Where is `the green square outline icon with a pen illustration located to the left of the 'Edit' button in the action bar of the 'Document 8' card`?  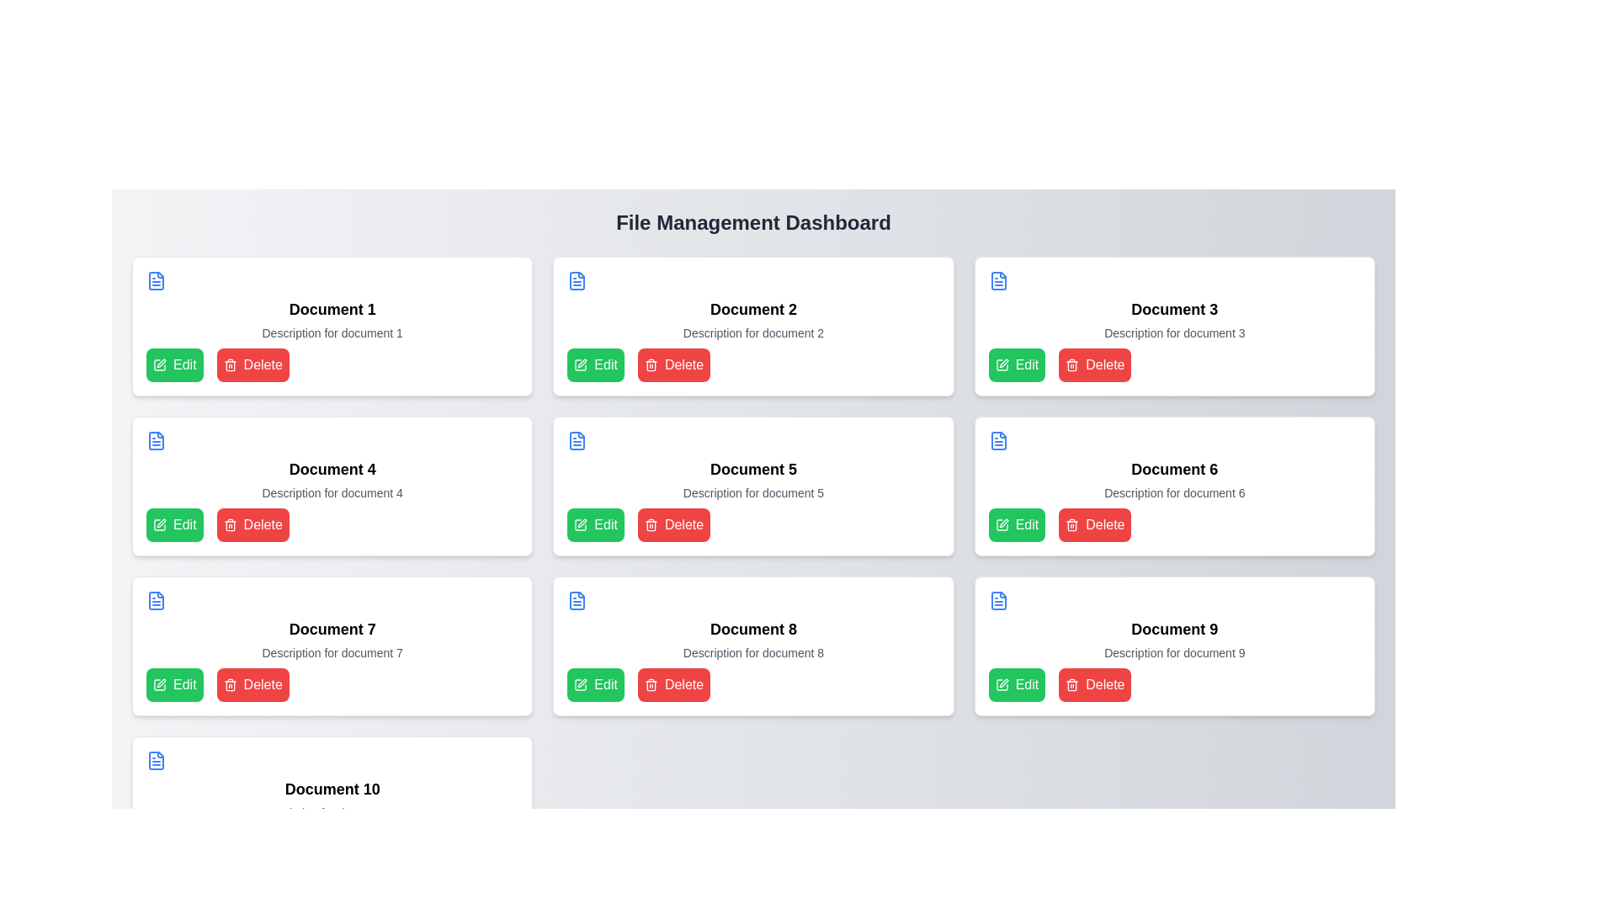 the green square outline icon with a pen illustration located to the left of the 'Edit' button in the action bar of the 'Document 8' card is located at coordinates (581, 684).